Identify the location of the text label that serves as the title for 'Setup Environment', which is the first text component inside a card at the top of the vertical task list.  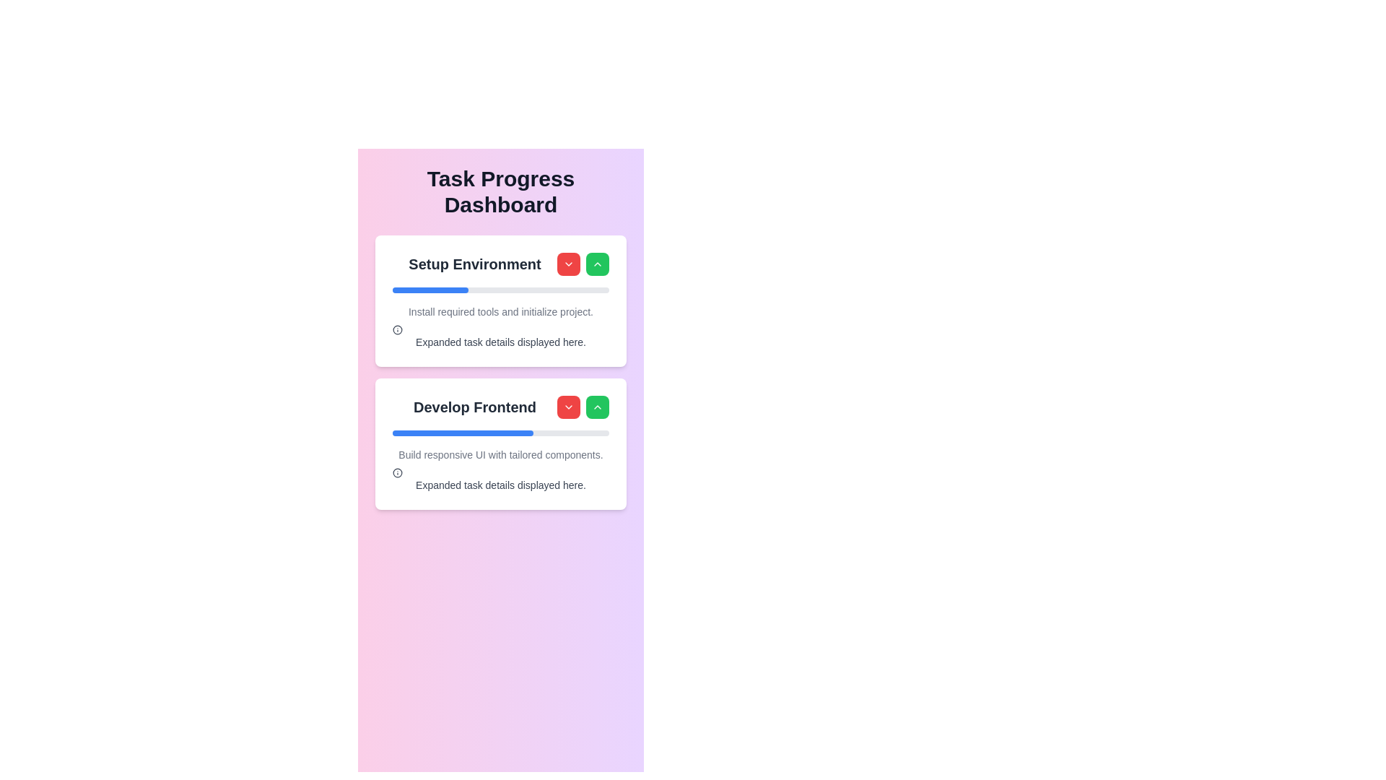
(474, 264).